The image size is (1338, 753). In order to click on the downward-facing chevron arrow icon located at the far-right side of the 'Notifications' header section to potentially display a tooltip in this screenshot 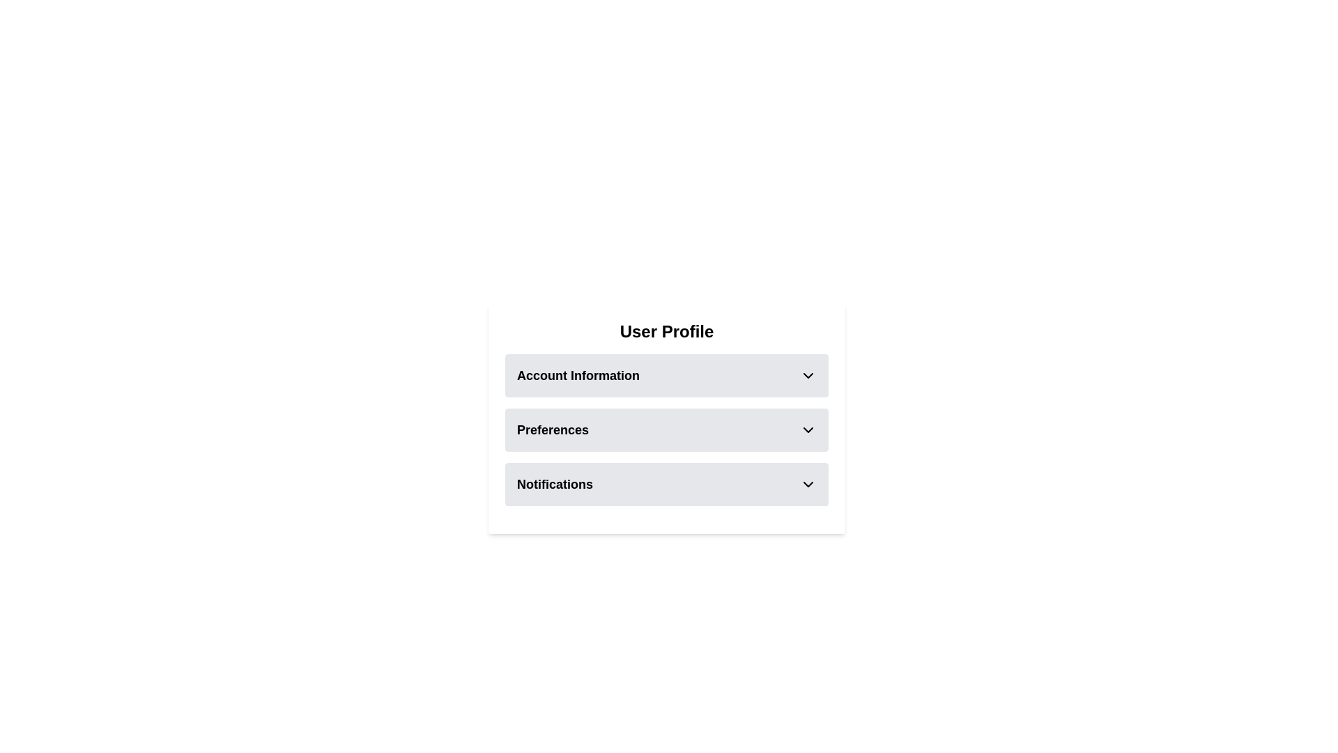, I will do `click(808, 483)`.